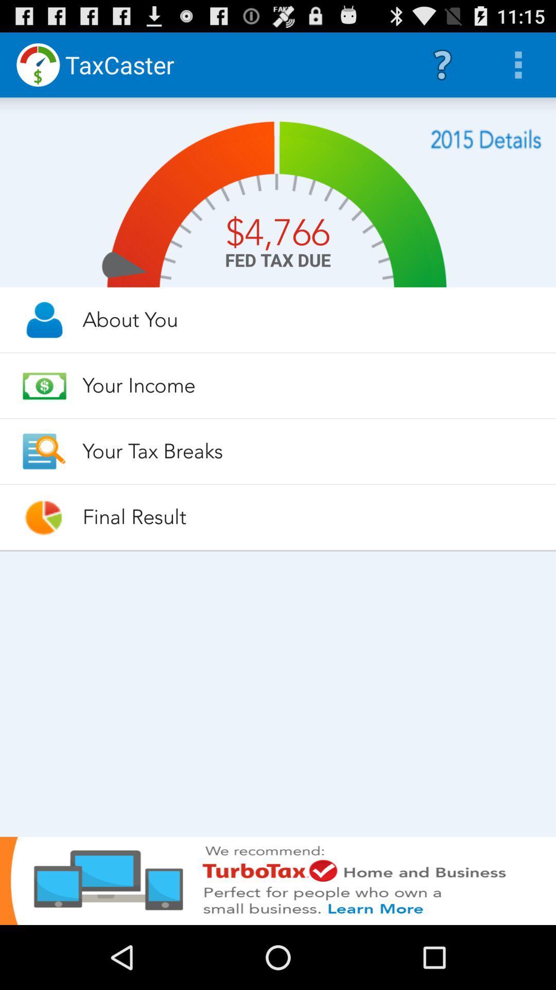 The height and width of the screenshot is (990, 556). What do you see at coordinates (309, 385) in the screenshot?
I see `icon above the your tax breaks app` at bounding box center [309, 385].